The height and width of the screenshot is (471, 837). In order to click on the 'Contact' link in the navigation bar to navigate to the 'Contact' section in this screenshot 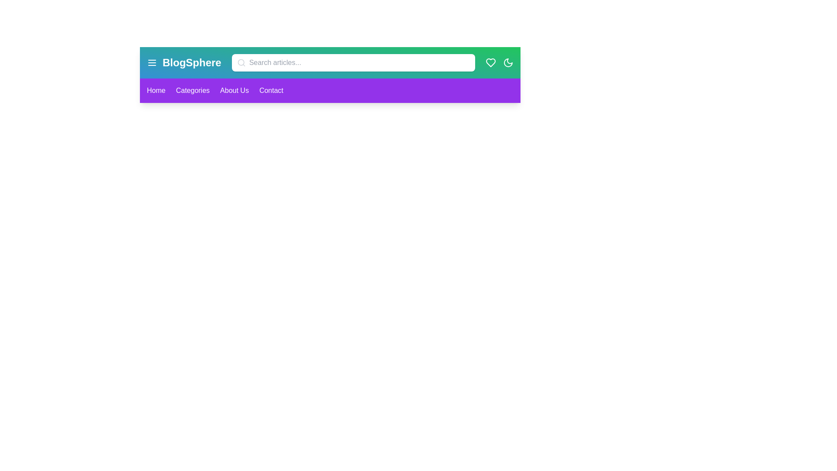, I will do `click(271, 91)`.